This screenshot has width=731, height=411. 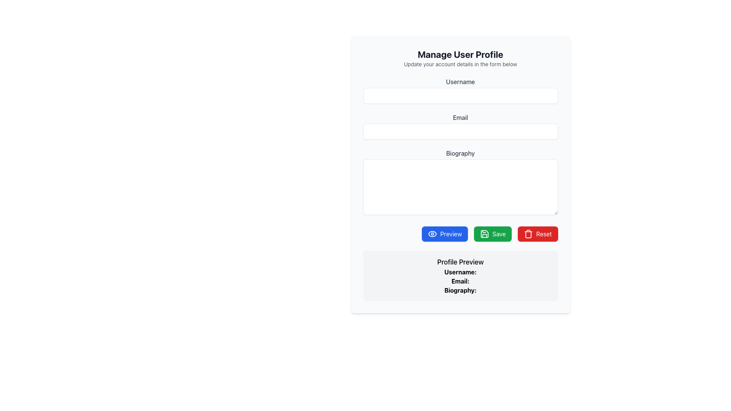 I want to click on the save icon located within the green 'Save' button, which is centrally positioned among the buttons at the bottom of the user form interface, so click(x=484, y=233).